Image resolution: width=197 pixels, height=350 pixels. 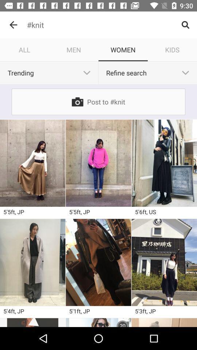 What do you see at coordinates (172, 49) in the screenshot?
I see `the kids item` at bounding box center [172, 49].